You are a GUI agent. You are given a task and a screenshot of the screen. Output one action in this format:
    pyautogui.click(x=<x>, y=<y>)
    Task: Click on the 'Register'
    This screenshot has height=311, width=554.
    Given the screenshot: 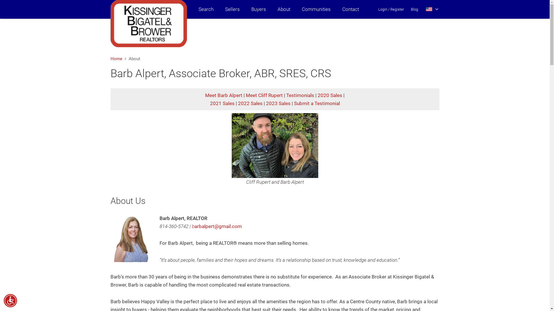 What is the action you would take?
    pyautogui.click(x=396, y=9)
    